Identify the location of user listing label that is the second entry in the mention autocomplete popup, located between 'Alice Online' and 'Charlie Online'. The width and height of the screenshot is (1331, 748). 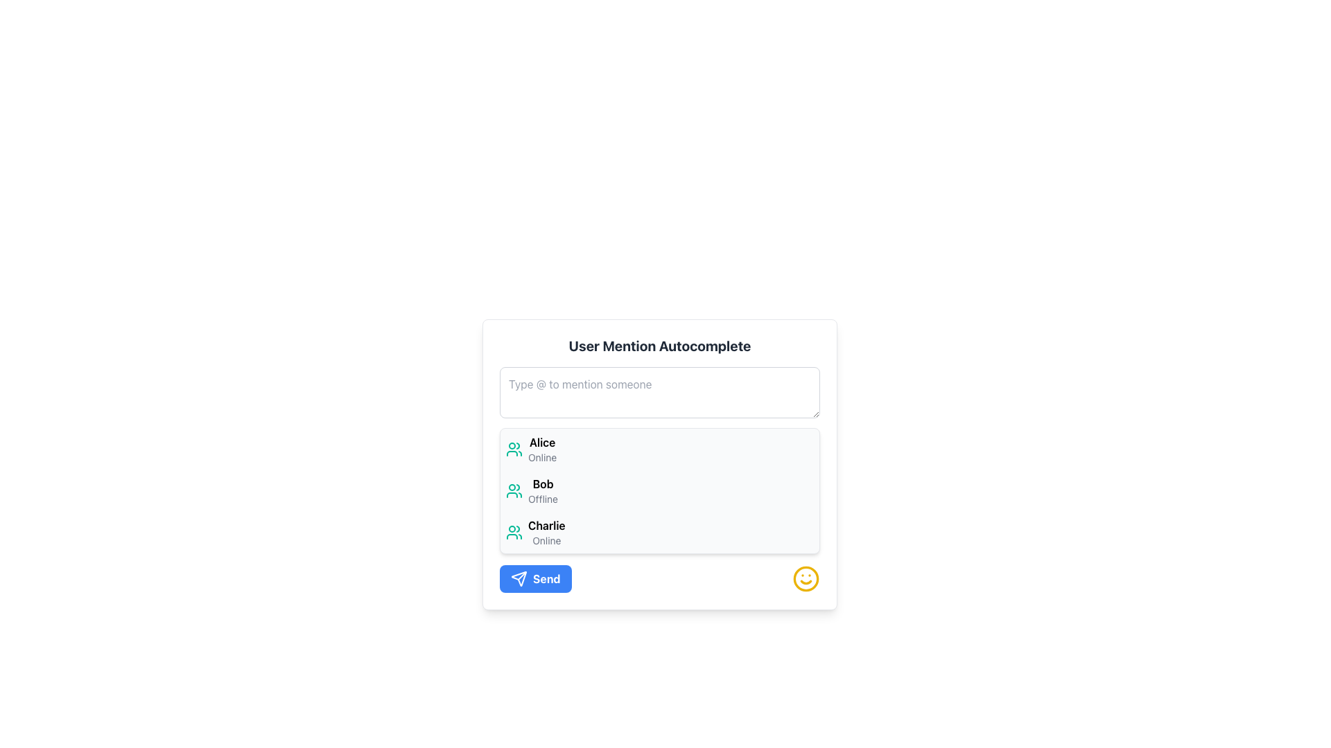
(542, 490).